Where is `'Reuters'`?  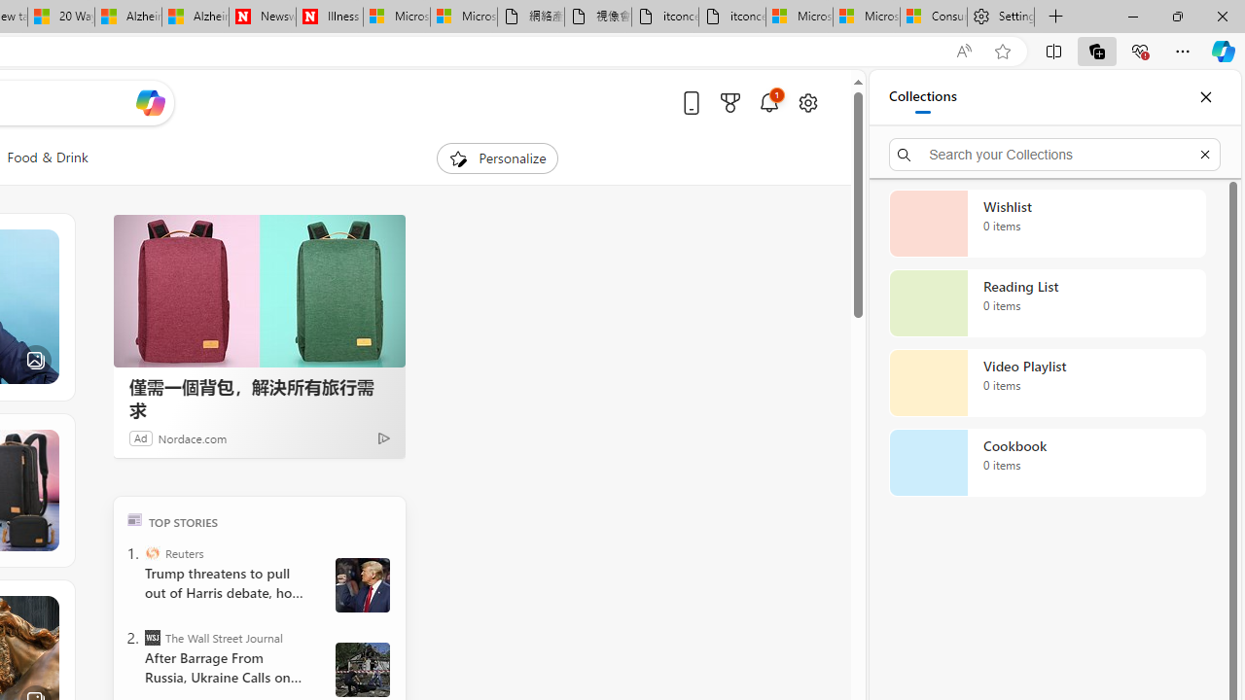
'Reuters' is located at coordinates (151, 552).